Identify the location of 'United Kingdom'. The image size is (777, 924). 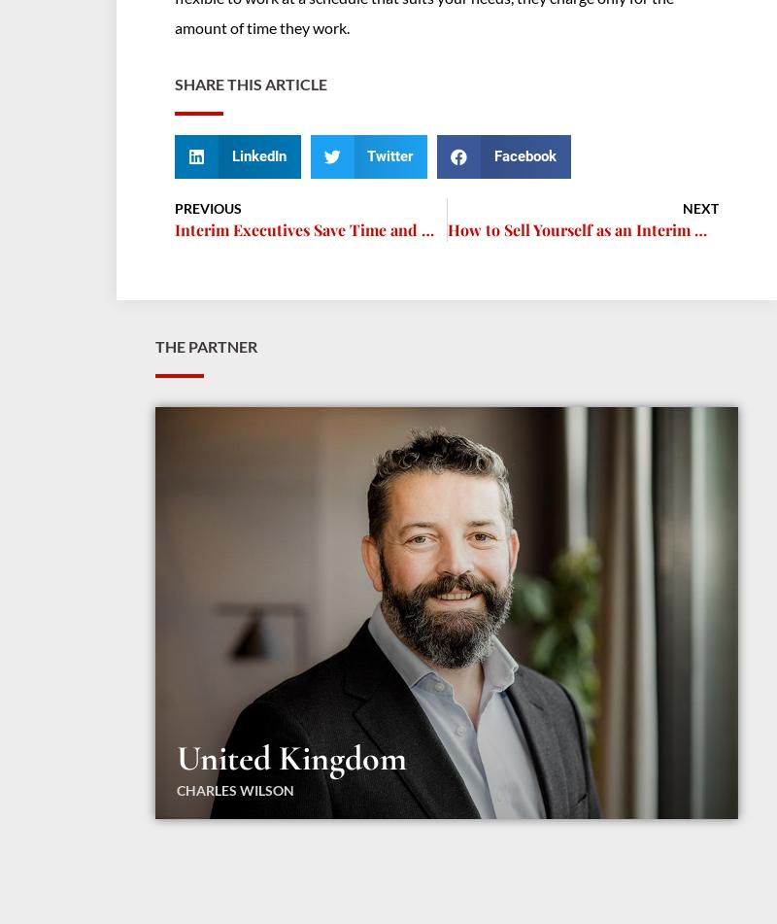
(291, 756).